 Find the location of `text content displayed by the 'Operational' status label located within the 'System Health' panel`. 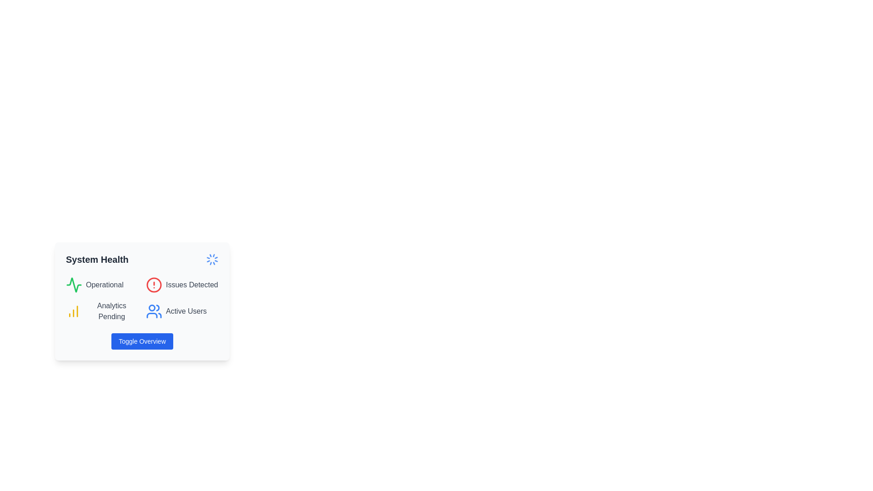

text content displayed by the 'Operational' status label located within the 'System Health' panel is located at coordinates (105, 285).